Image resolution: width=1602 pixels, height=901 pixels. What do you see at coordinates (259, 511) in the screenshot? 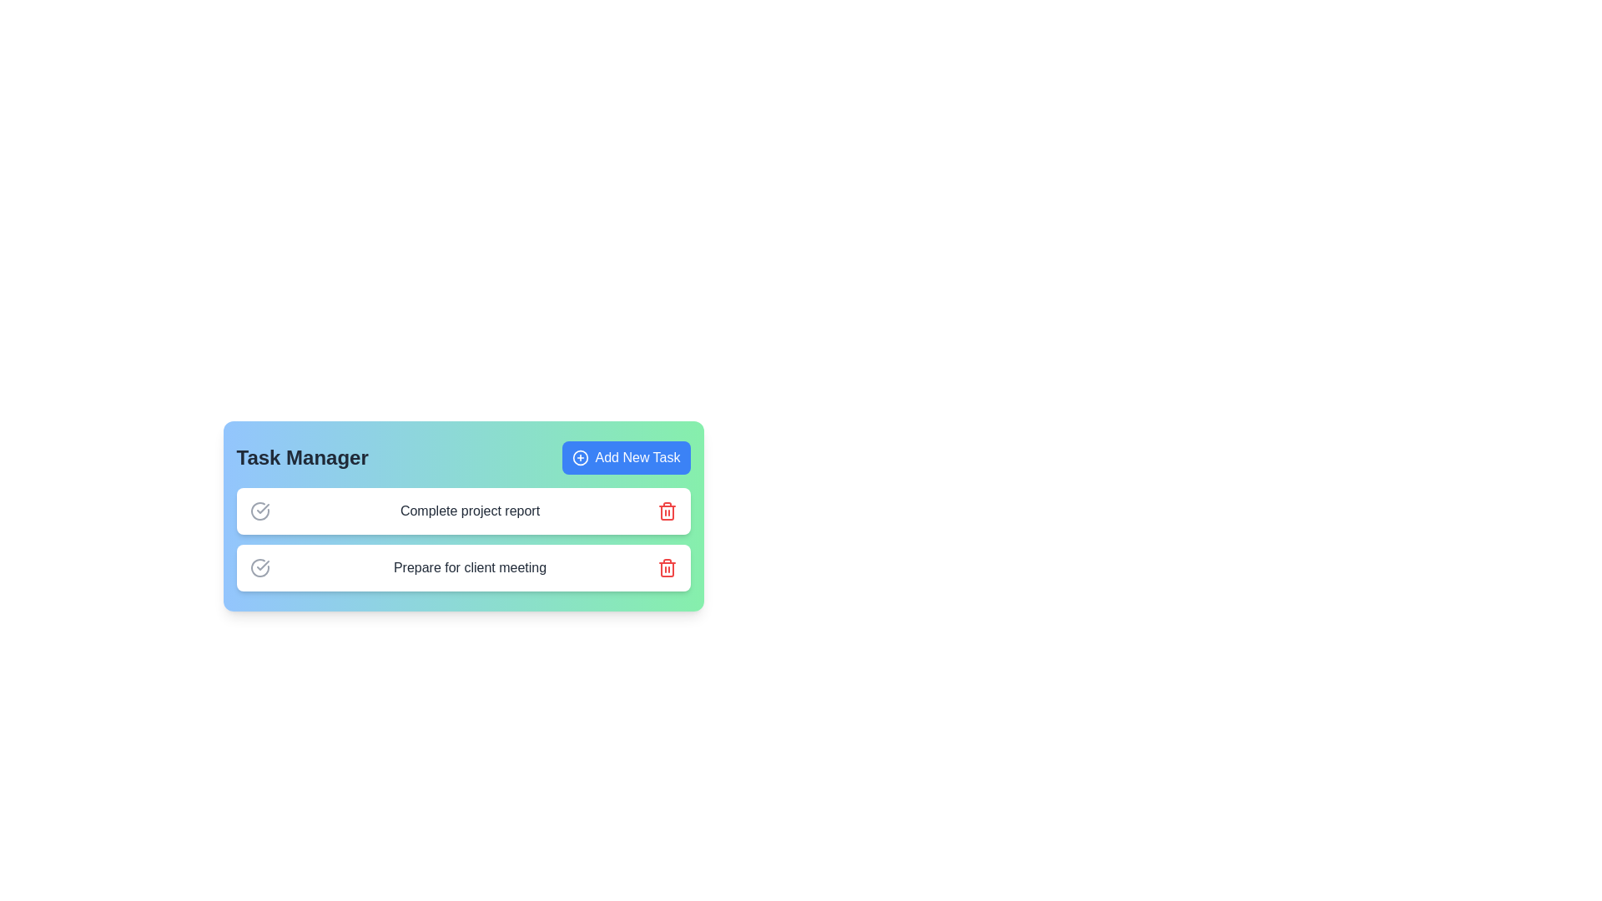
I see `the Icon Button that serves as a marker for task completion, located at the leftmost section of the row containing the 'Complete project report' text` at bounding box center [259, 511].